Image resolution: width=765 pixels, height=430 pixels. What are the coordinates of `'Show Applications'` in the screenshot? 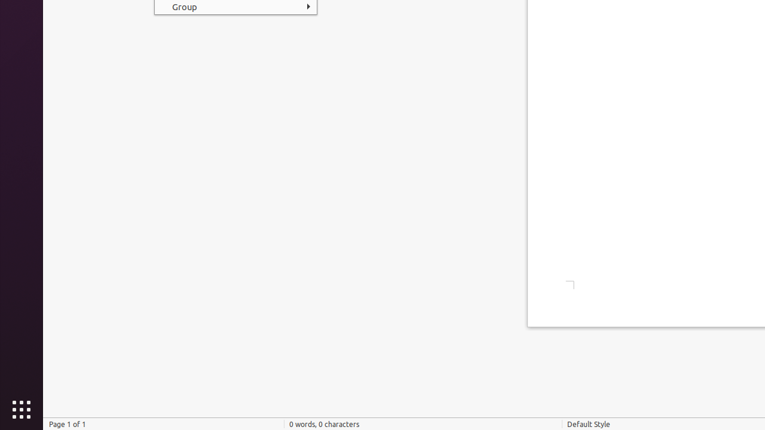 It's located at (21, 409).